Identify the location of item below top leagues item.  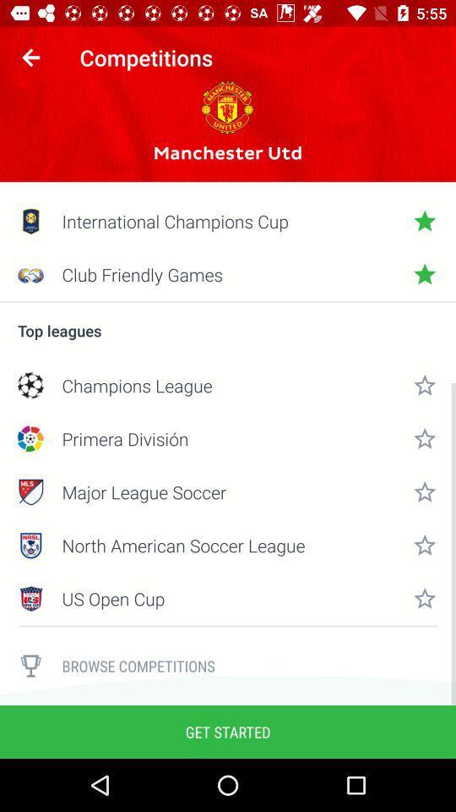
(228, 386).